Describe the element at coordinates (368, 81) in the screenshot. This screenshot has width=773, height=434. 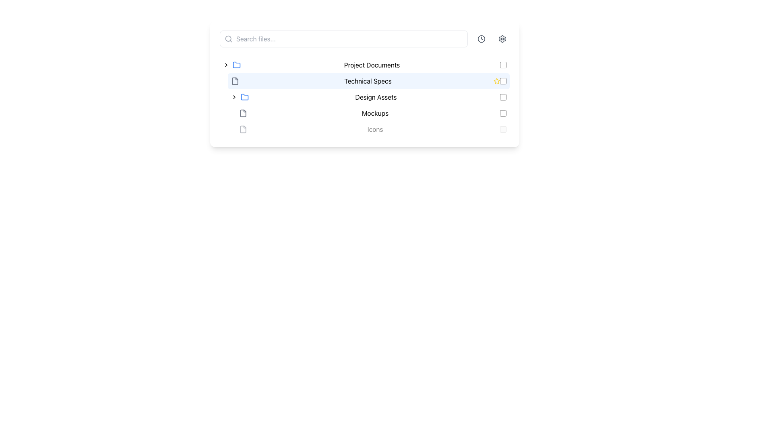
I see `the selectable list item labeled 'Technical Specs', which is the second item from the top in a vertical list, positioned directly beneath 'Project Documents'` at that location.